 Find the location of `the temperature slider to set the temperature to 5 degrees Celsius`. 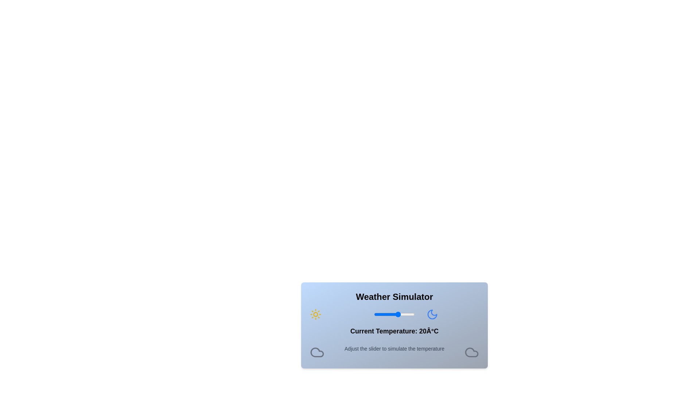

the temperature slider to set the temperature to 5 degrees Celsius is located at coordinates (386, 314).